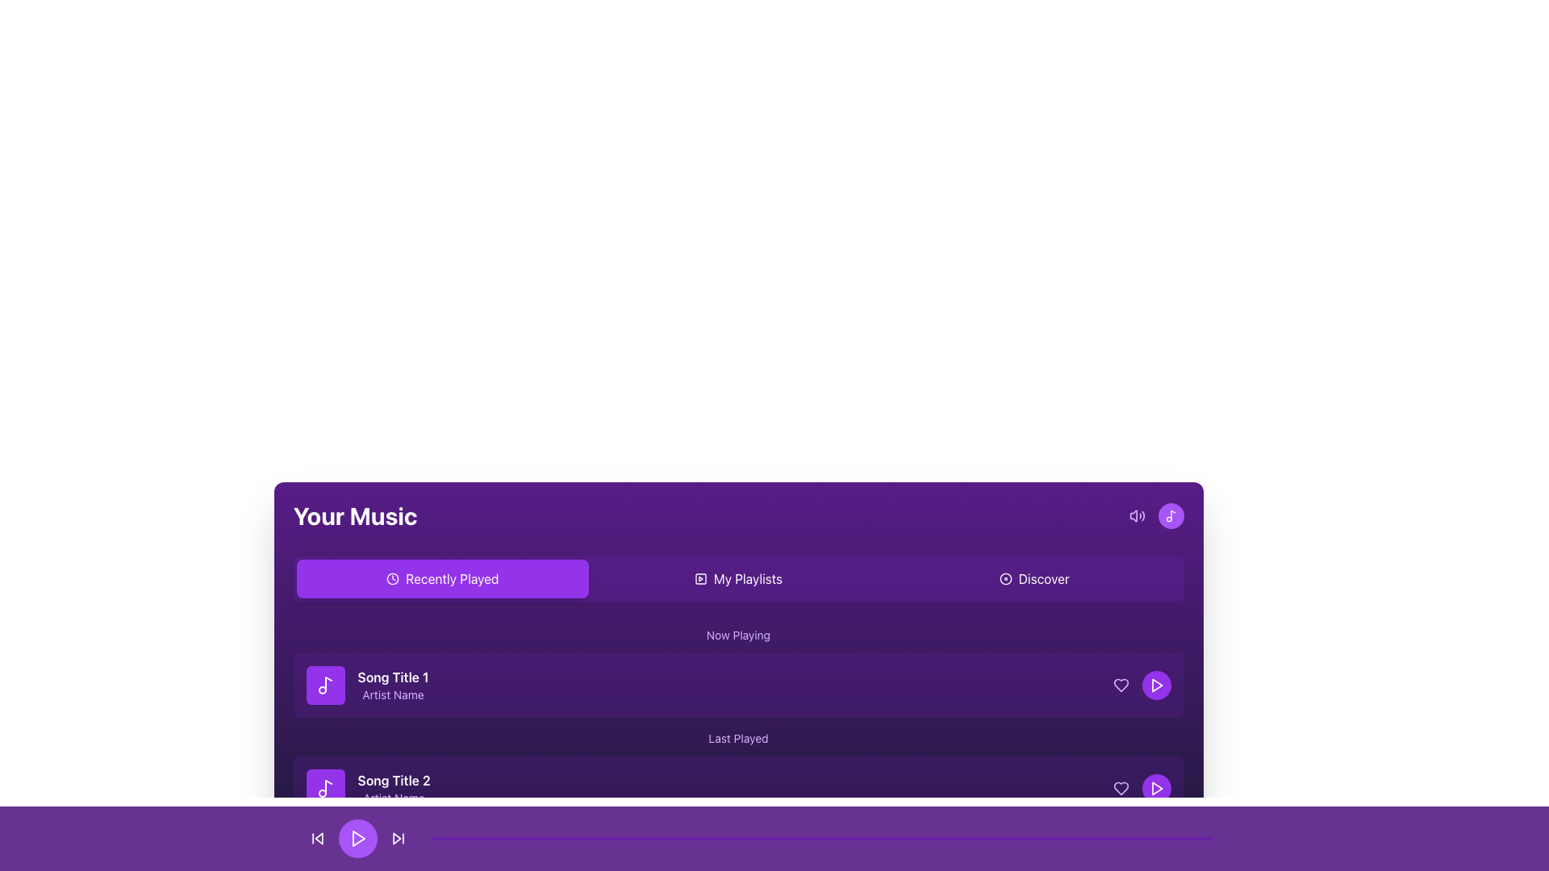 The image size is (1549, 871). Describe the element at coordinates (394, 798) in the screenshot. I see `artist name displayed in the static text label located below 'Song Title 2' in the second item of the vertically listed song collection` at that location.